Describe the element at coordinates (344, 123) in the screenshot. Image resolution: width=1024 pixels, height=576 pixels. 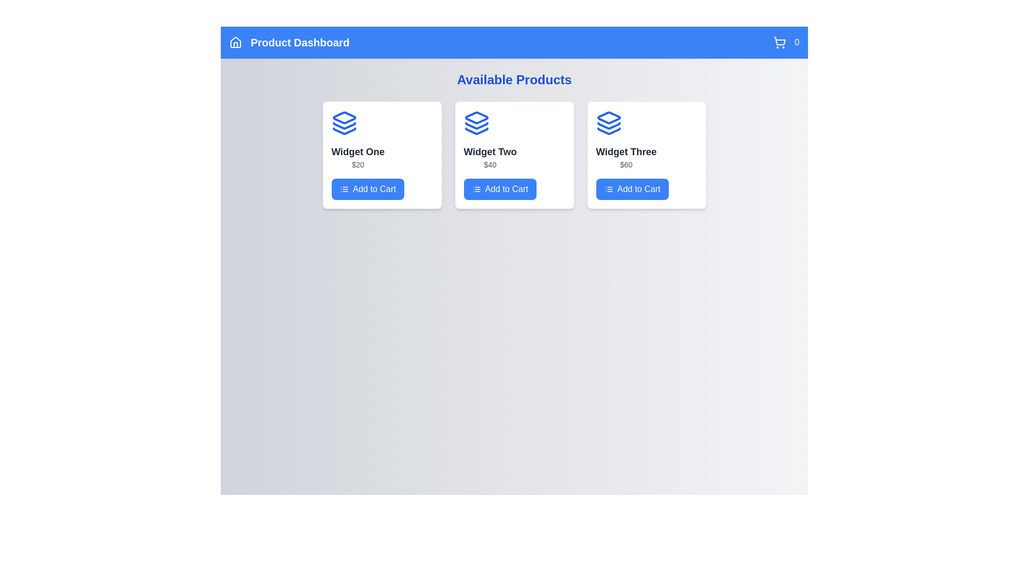
I see `the blue layered structure icon located at the top-left corner of the 'Widget One' card, which serves as the primary visual indicator for the card` at that location.